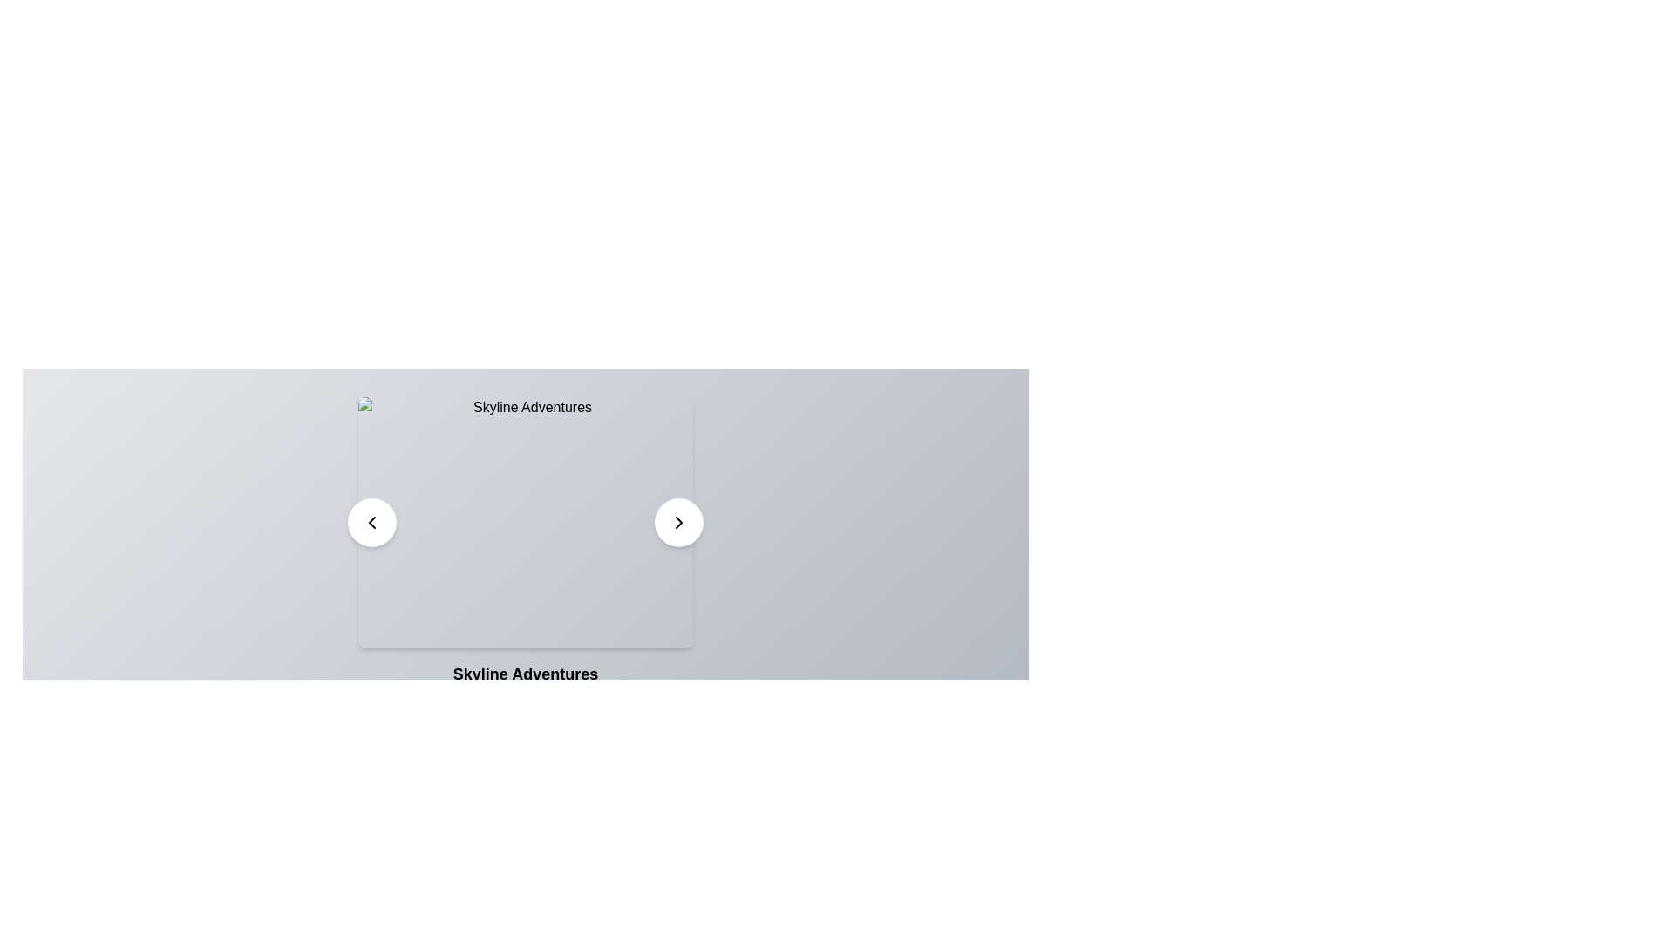 The image size is (1674, 941). I want to click on the right navigation button's icon, which features an arrow embedded within a circular button, so click(677, 522).